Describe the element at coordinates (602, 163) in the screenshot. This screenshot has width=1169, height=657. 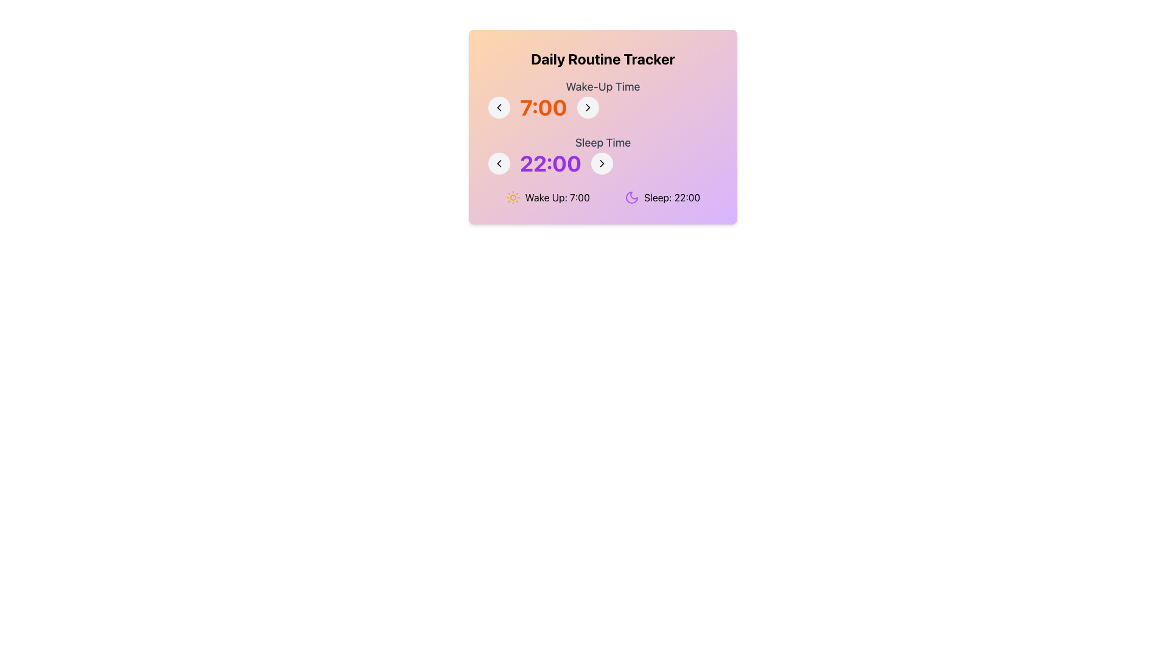
I see `the circular button with a gray background and a right-pointing chevron icon, located to the right of the 'Sleep Time' label and the purple '22:00' text, to increase sleep time` at that location.